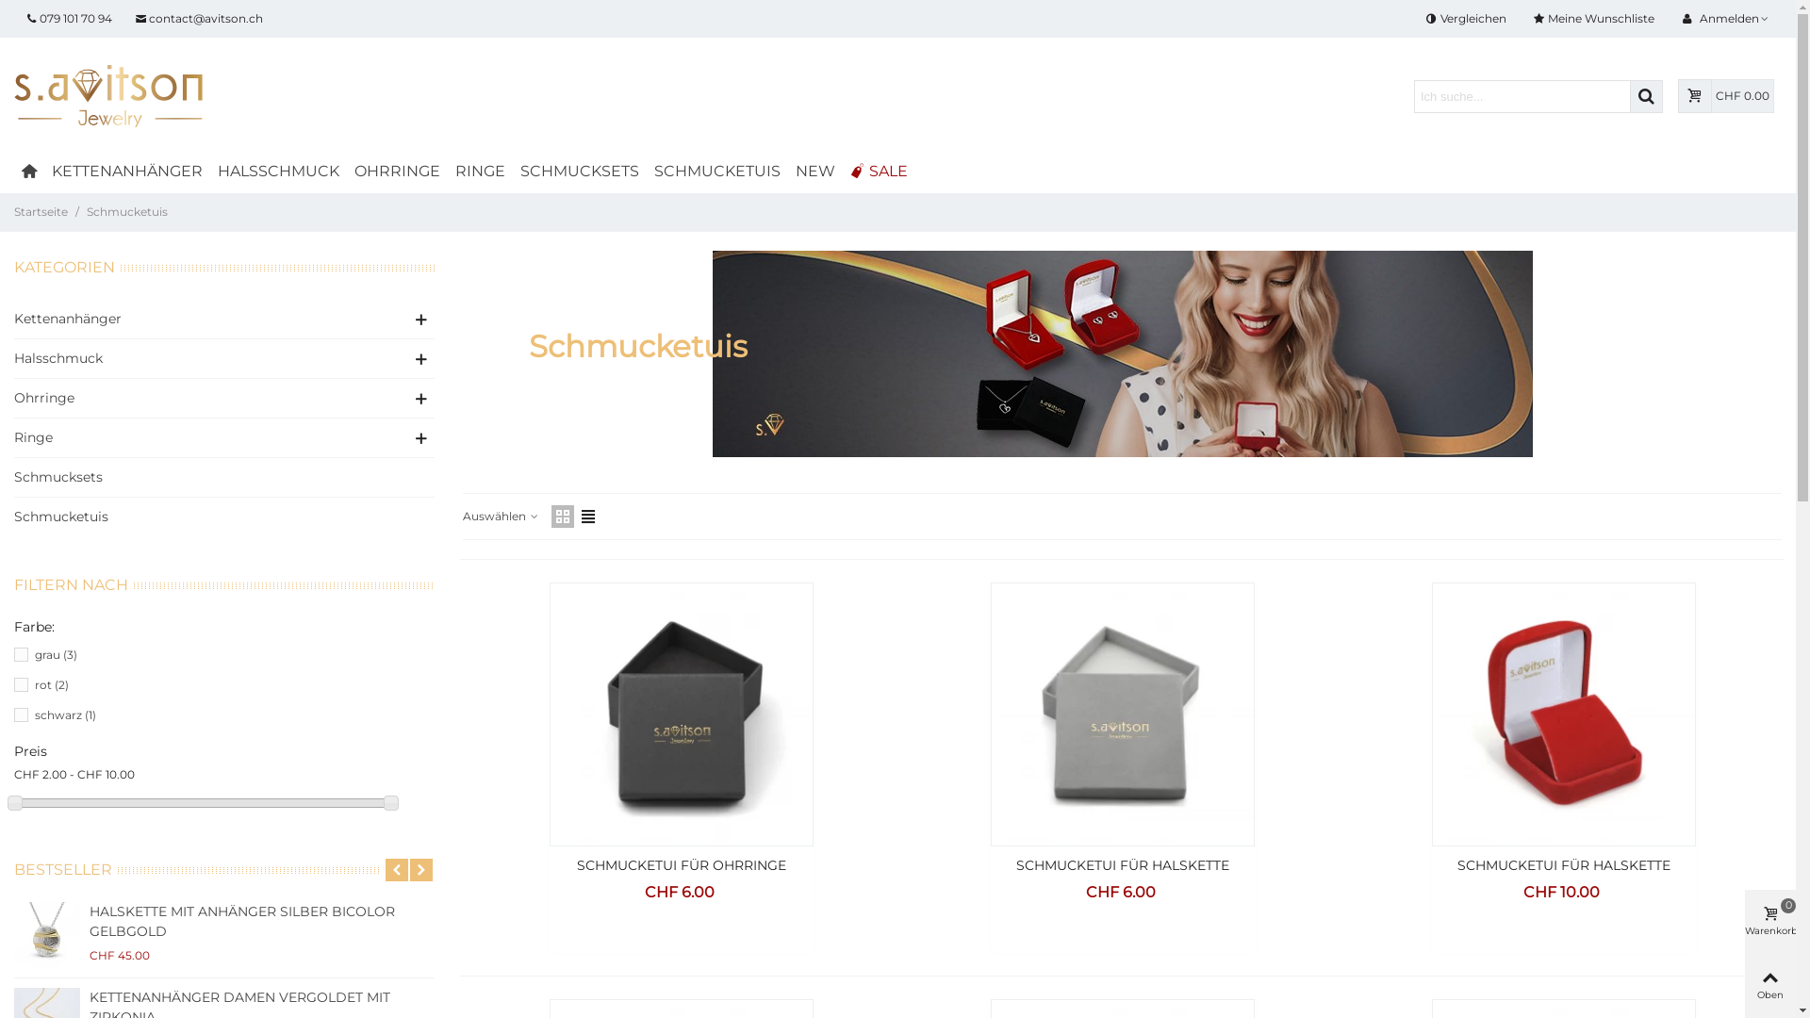 The height and width of the screenshot is (1018, 1810). What do you see at coordinates (68, 18) in the screenshot?
I see `'079 101 70 94'` at bounding box center [68, 18].